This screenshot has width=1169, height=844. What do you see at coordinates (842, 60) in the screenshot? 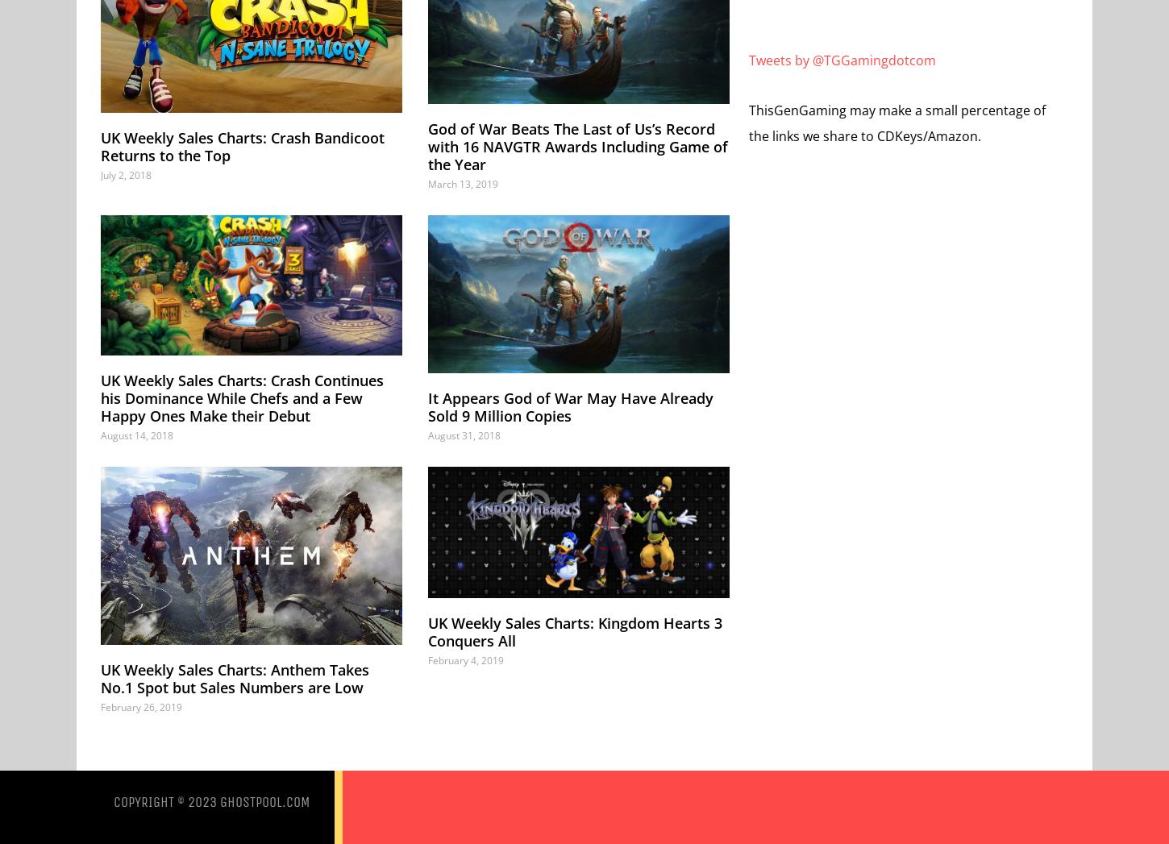
I see `'Tweets by @TGGamingdotcom'` at bounding box center [842, 60].